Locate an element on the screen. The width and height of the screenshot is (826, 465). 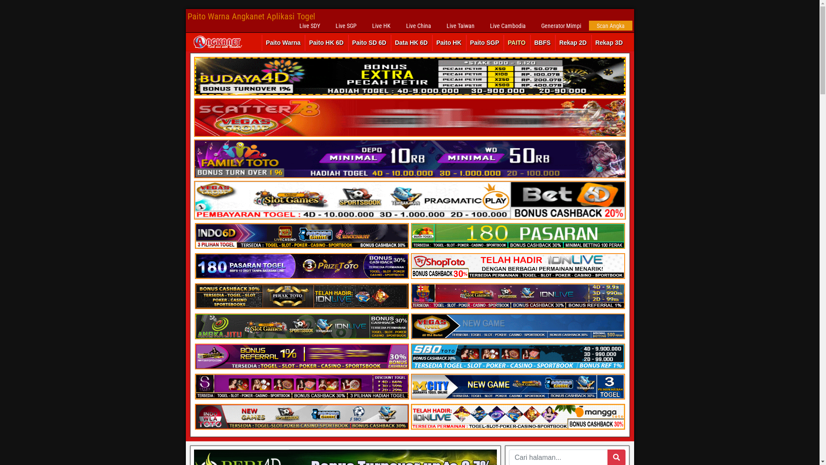
'Bandar Judi Online Terpercaya SHOPTOTO' is located at coordinates (517, 265).